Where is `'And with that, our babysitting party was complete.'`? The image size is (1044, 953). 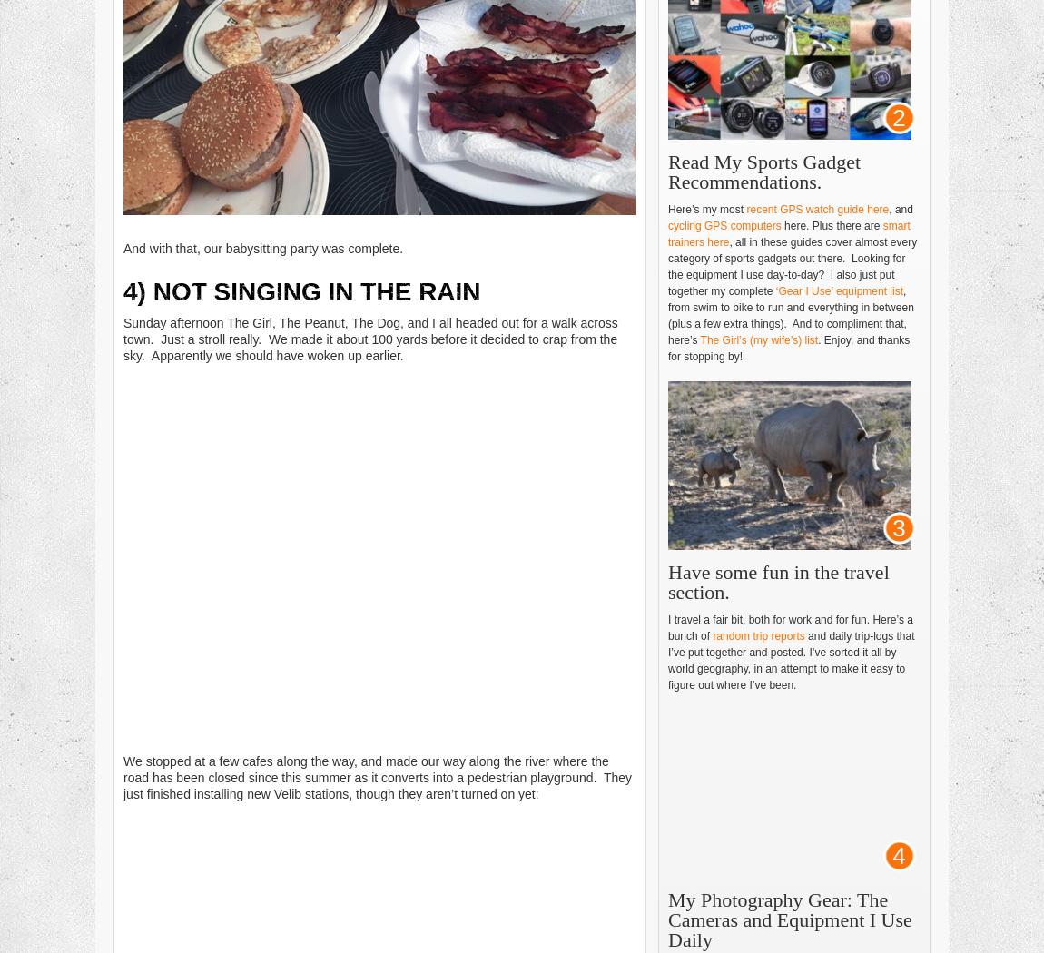
'And with that, our babysitting party was complete.' is located at coordinates (263, 247).